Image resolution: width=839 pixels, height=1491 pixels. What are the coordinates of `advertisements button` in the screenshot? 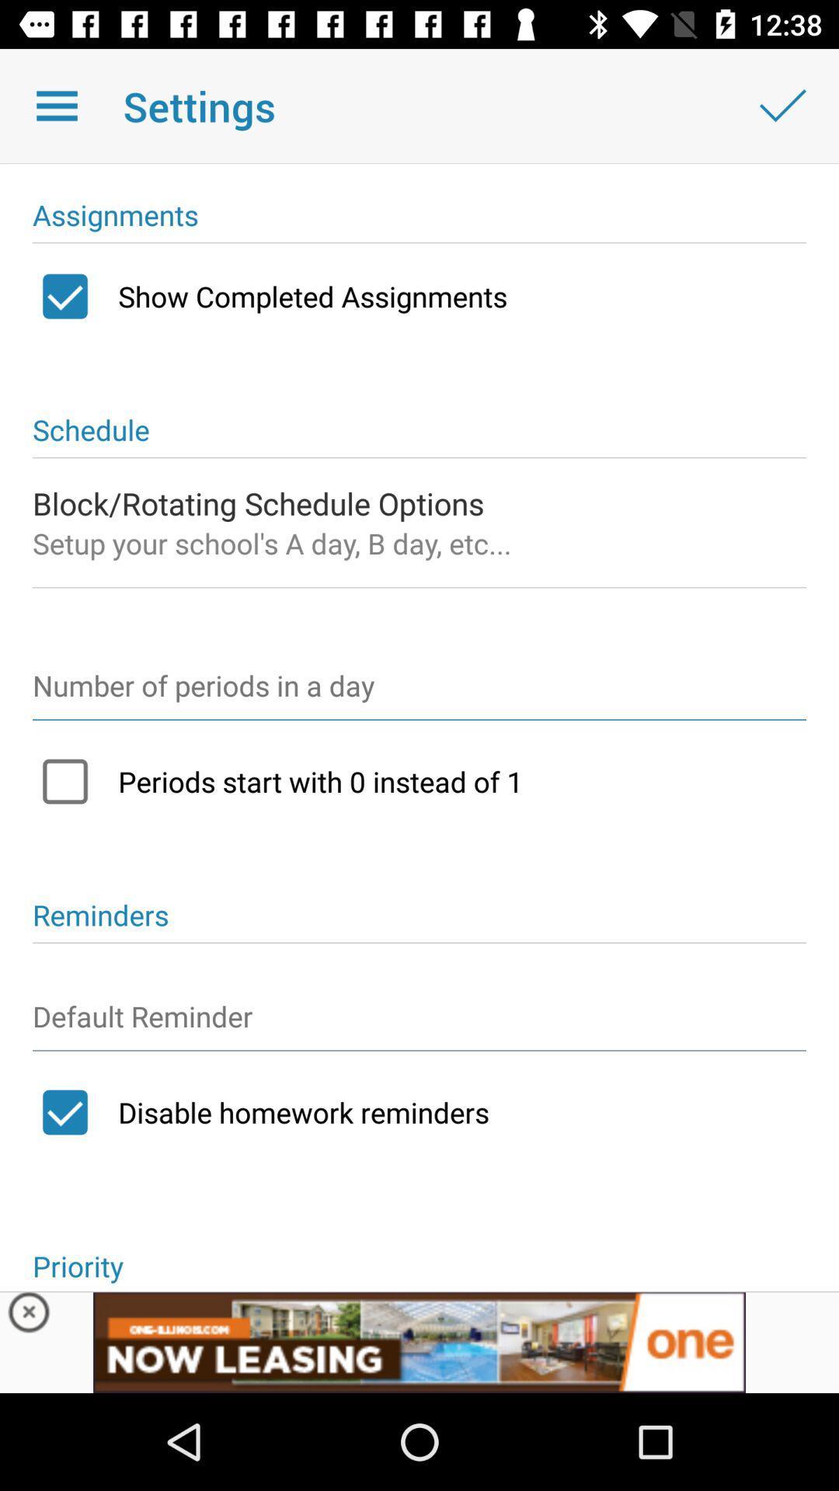 It's located at (29, 1315).